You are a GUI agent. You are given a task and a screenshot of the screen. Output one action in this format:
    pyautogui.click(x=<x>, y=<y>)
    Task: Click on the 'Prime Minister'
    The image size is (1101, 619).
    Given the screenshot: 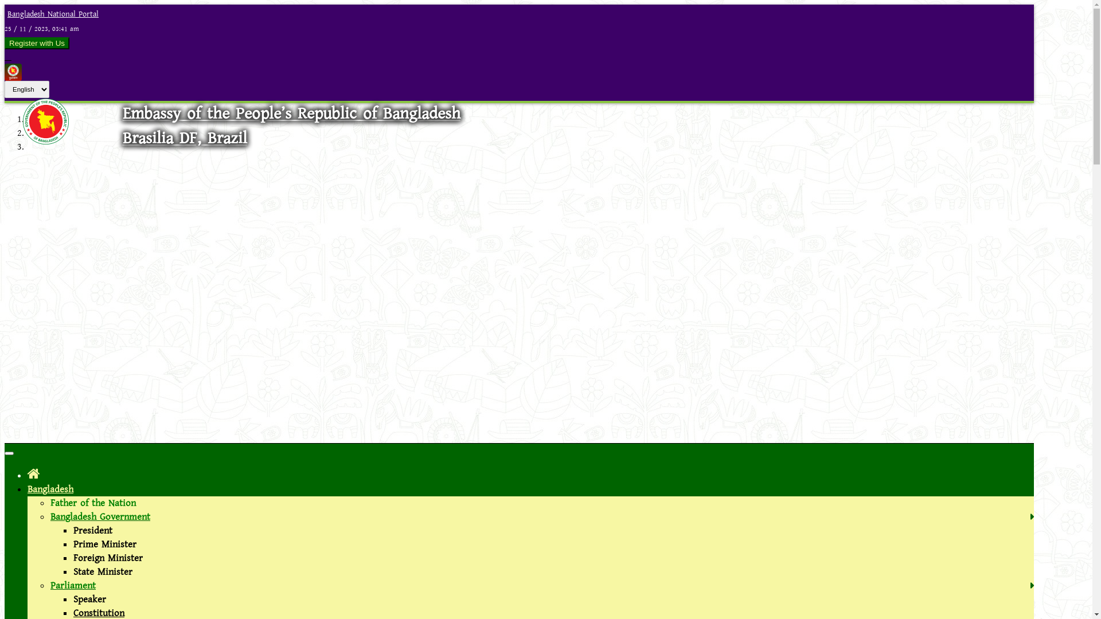 What is the action you would take?
    pyautogui.click(x=104, y=543)
    